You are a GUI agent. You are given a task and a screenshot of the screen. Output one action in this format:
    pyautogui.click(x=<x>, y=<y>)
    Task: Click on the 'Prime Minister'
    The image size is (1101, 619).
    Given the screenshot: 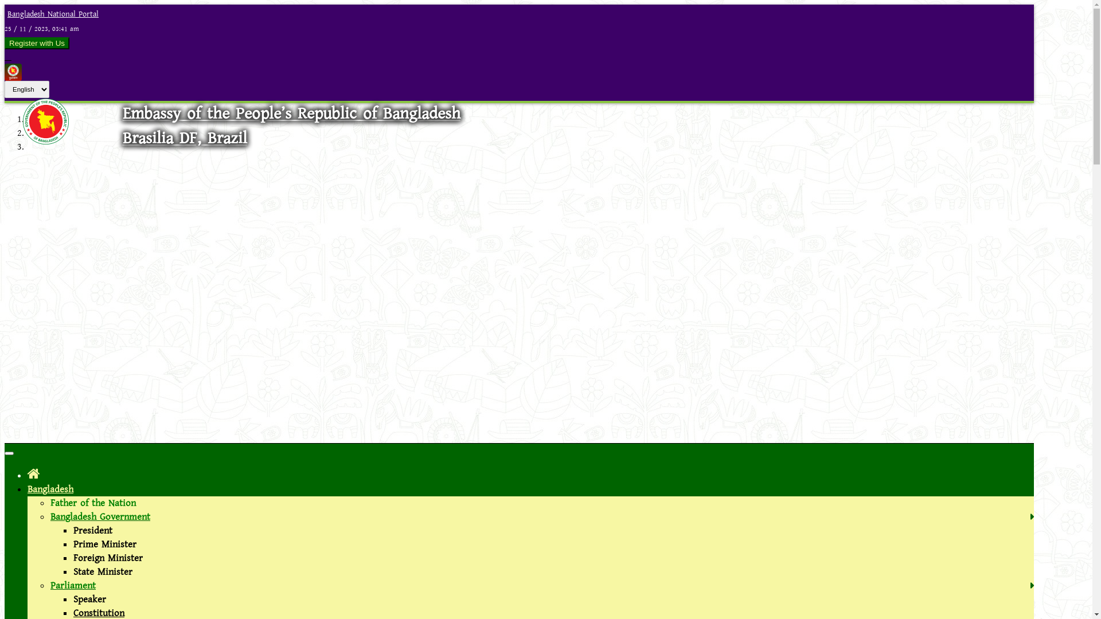 What is the action you would take?
    pyautogui.click(x=104, y=543)
    